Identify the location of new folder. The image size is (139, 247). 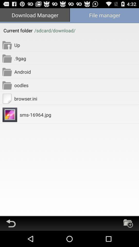
(128, 223).